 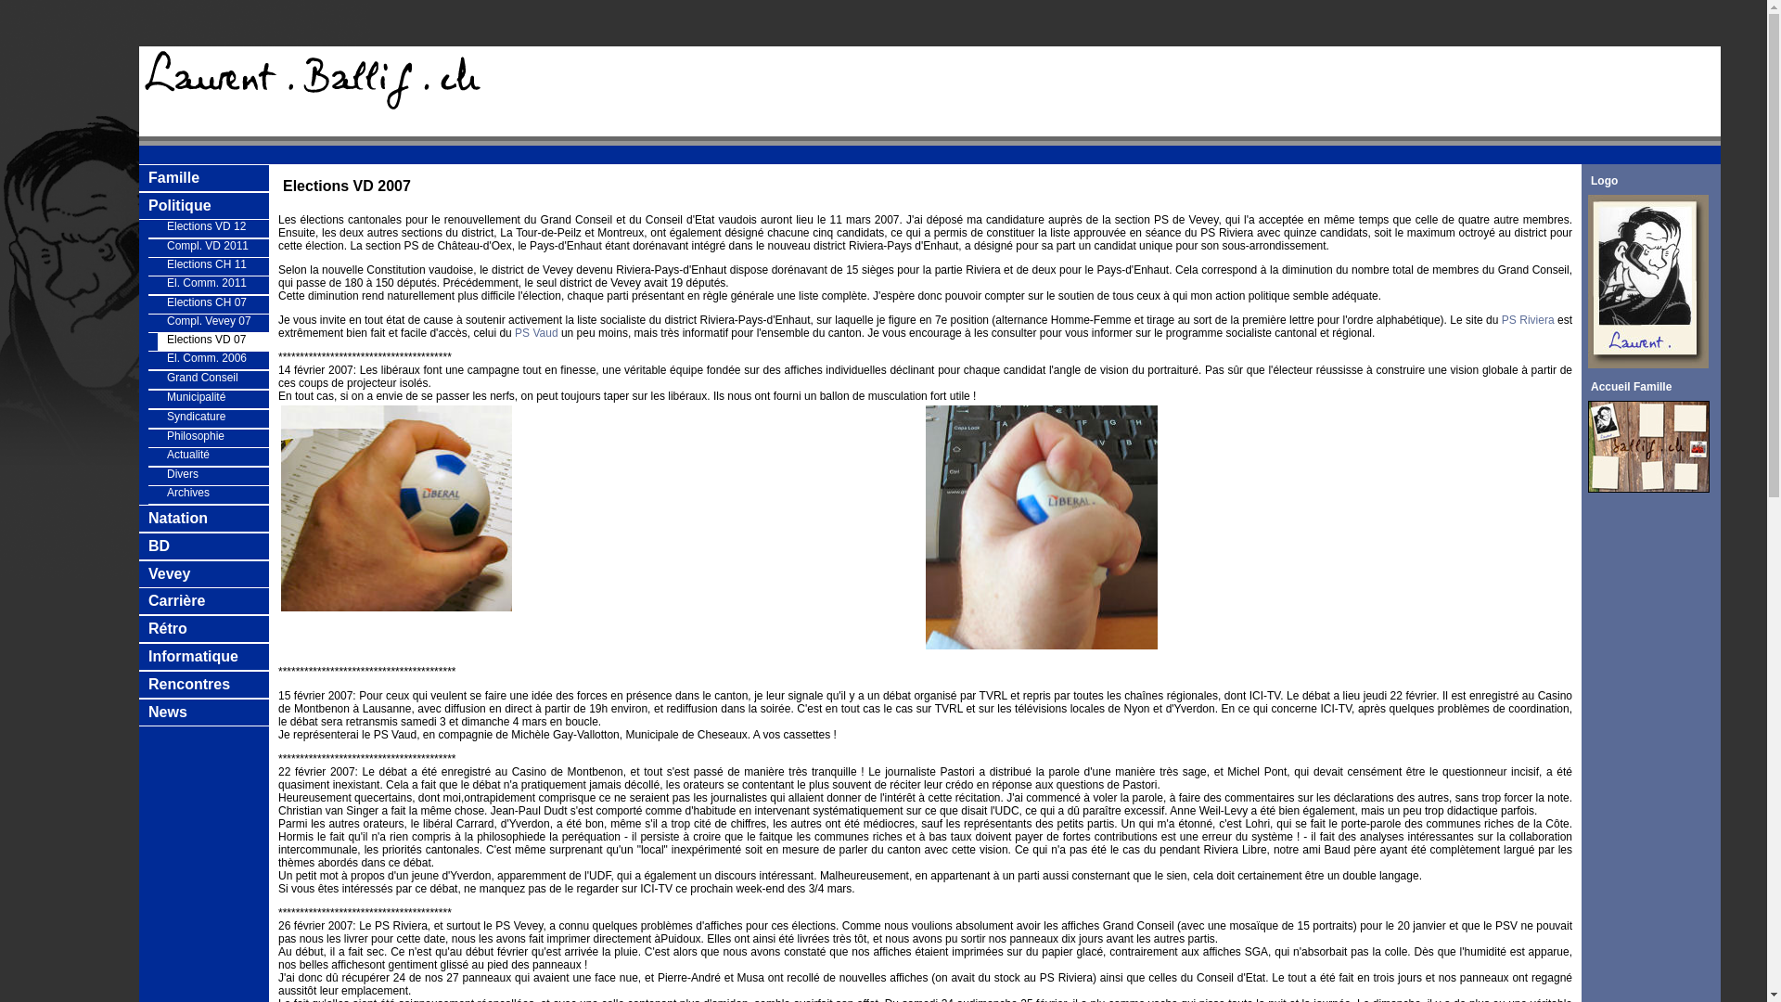 What do you see at coordinates (209, 178) in the screenshot?
I see `'Famille'` at bounding box center [209, 178].